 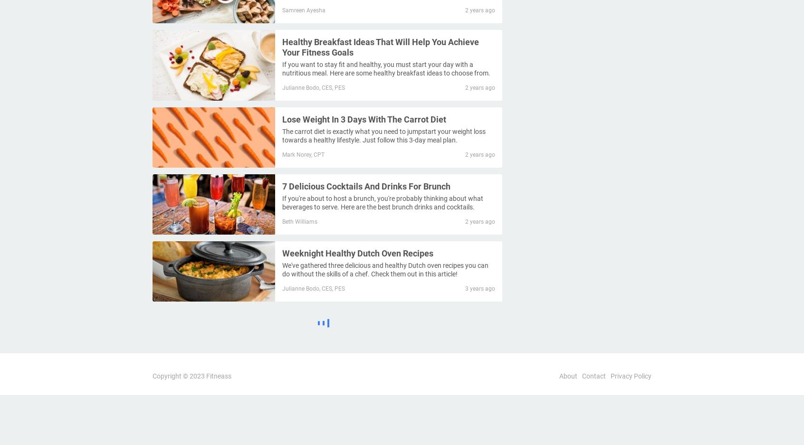 I want to click on 'Healthy Breakfast Ideas That Will Help You Achieve Your Fitness Goals', so click(x=380, y=46).